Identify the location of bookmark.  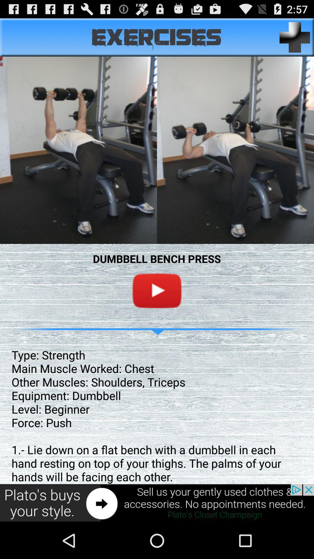
(295, 37).